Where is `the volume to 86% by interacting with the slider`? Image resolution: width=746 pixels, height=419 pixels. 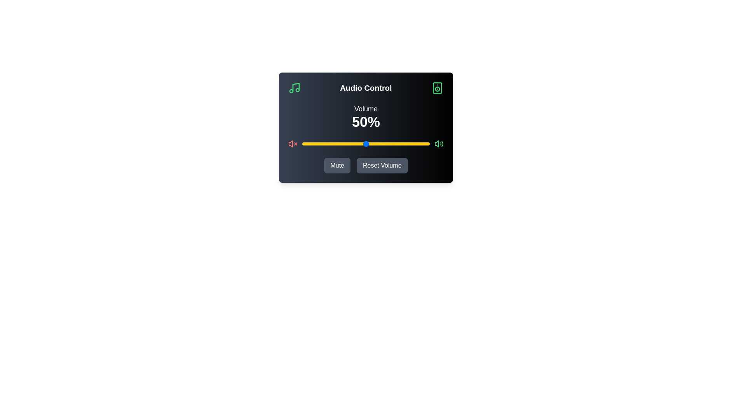 the volume to 86% by interacting with the slider is located at coordinates (411, 144).